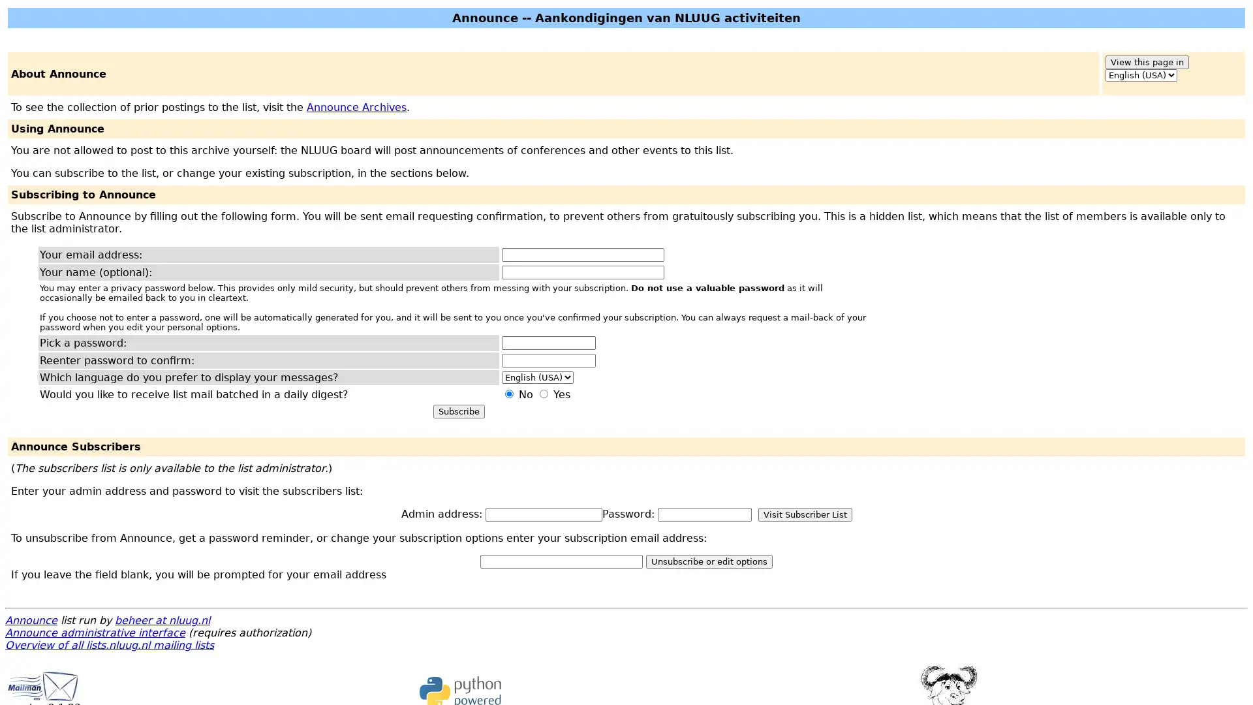 Image resolution: width=1253 pixels, height=705 pixels. What do you see at coordinates (708, 561) in the screenshot?
I see `Unsubscribe or edit options` at bounding box center [708, 561].